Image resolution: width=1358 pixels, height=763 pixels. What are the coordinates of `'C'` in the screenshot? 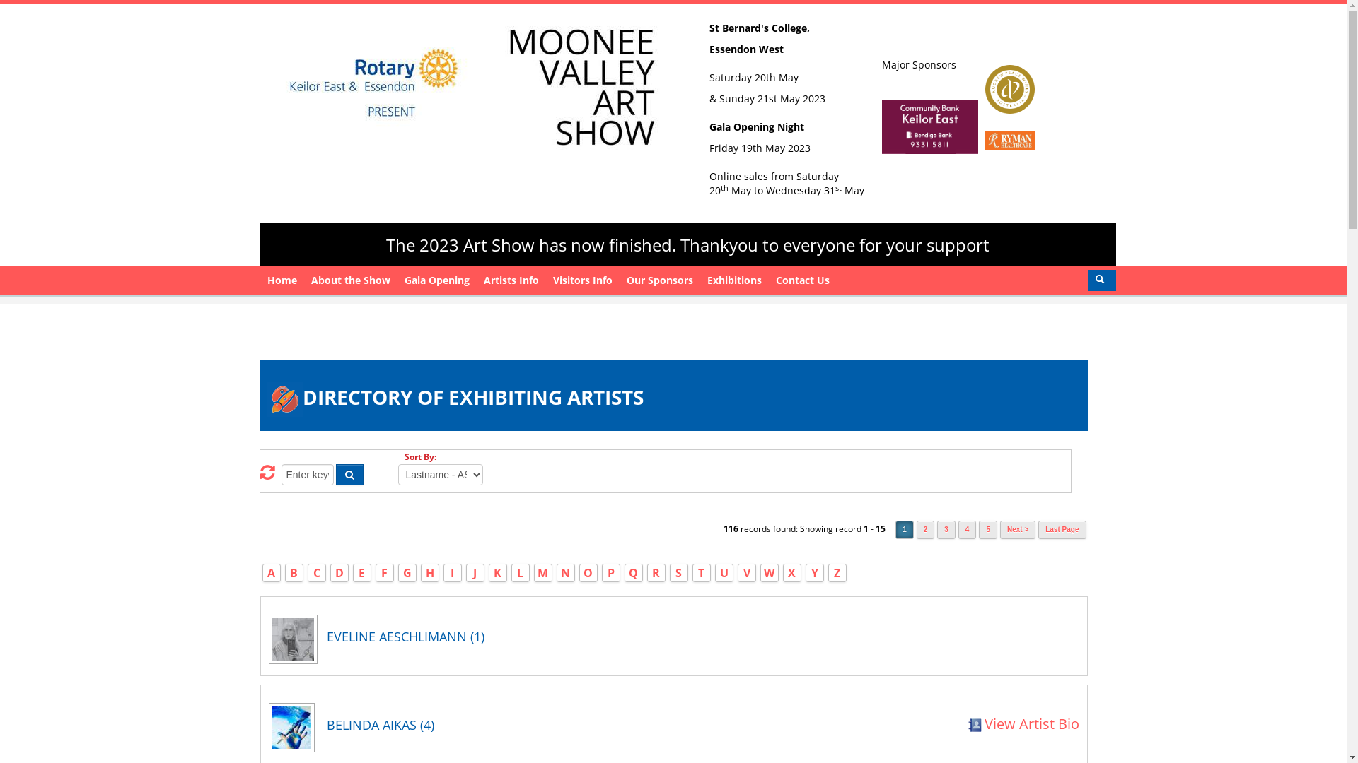 It's located at (315, 572).